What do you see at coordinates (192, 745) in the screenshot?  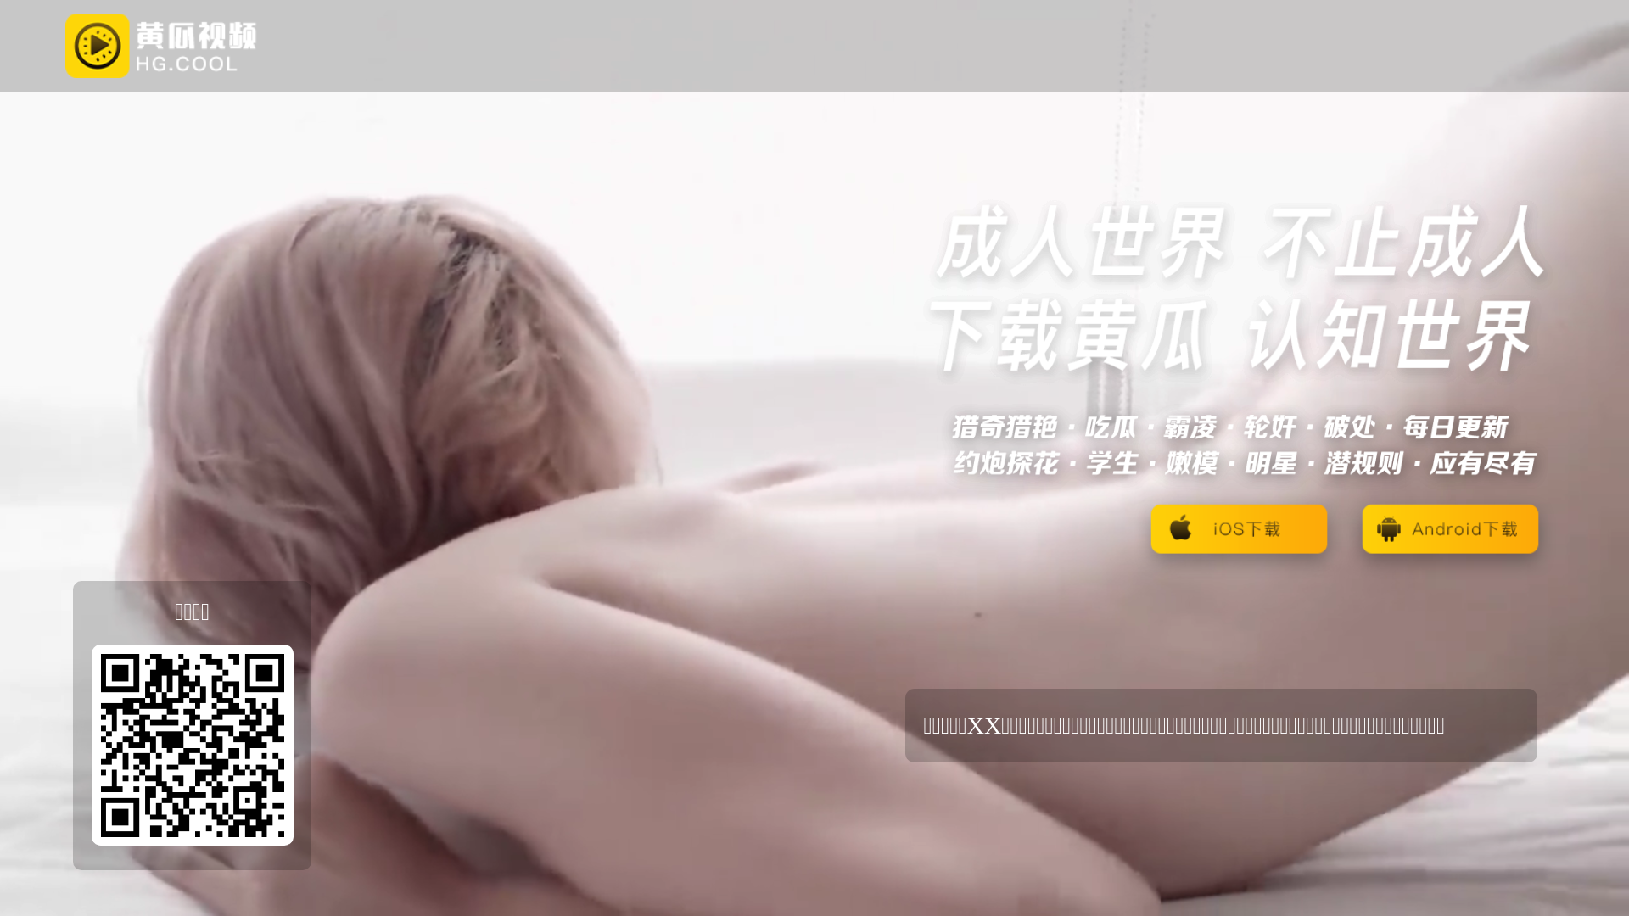 I see `'https://3dsf9fs.com/?_c=ofrr1xb'` at bounding box center [192, 745].